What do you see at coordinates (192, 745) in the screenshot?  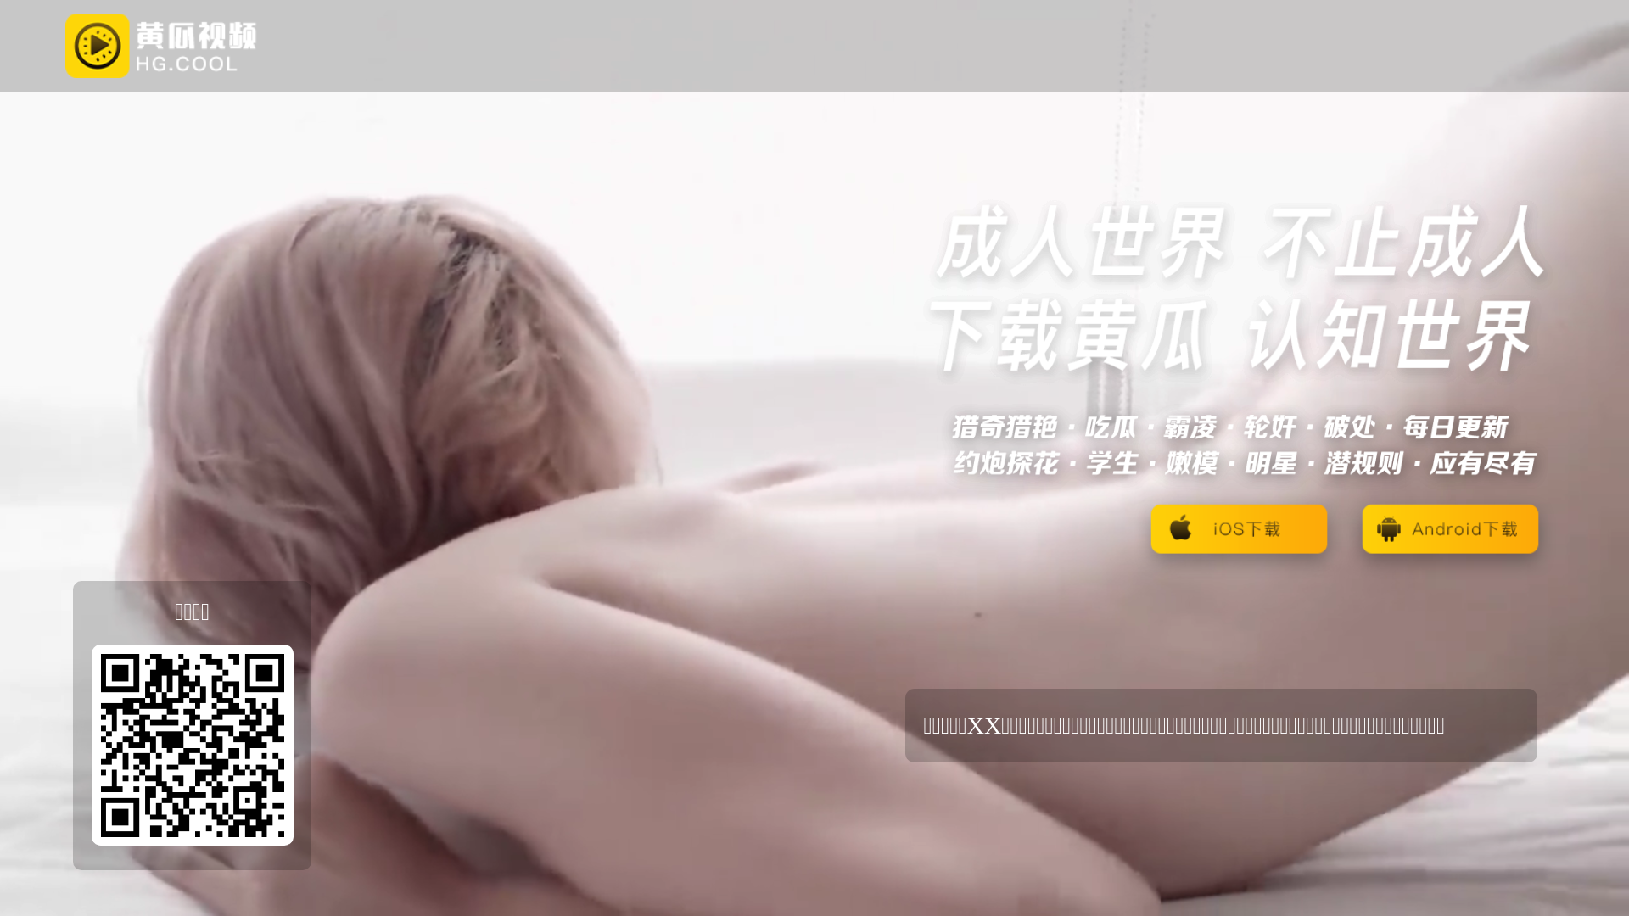 I see `'https://3dsf9fs.com/?_c=ofrr1xb'` at bounding box center [192, 745].